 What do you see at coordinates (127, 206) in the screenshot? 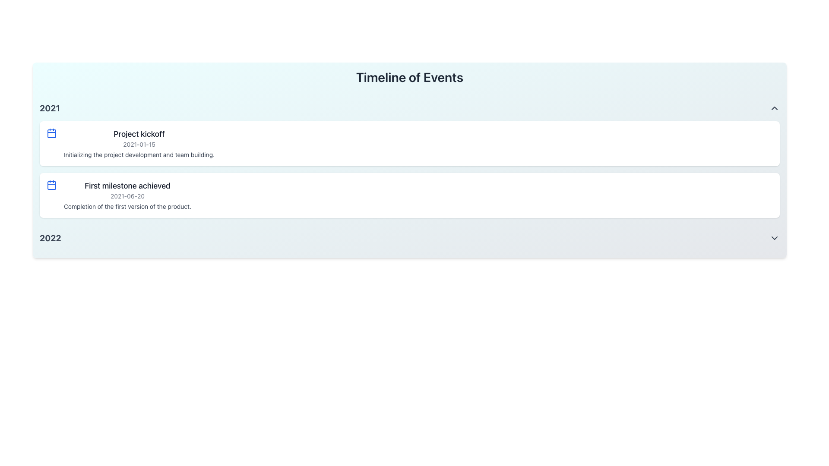
I see `the text label displaying 'Completion of the first version of the product.' which is styled in a smaller font and located beneath the milestone header 'First milestone achieved'` at bounding box center [127, 206].